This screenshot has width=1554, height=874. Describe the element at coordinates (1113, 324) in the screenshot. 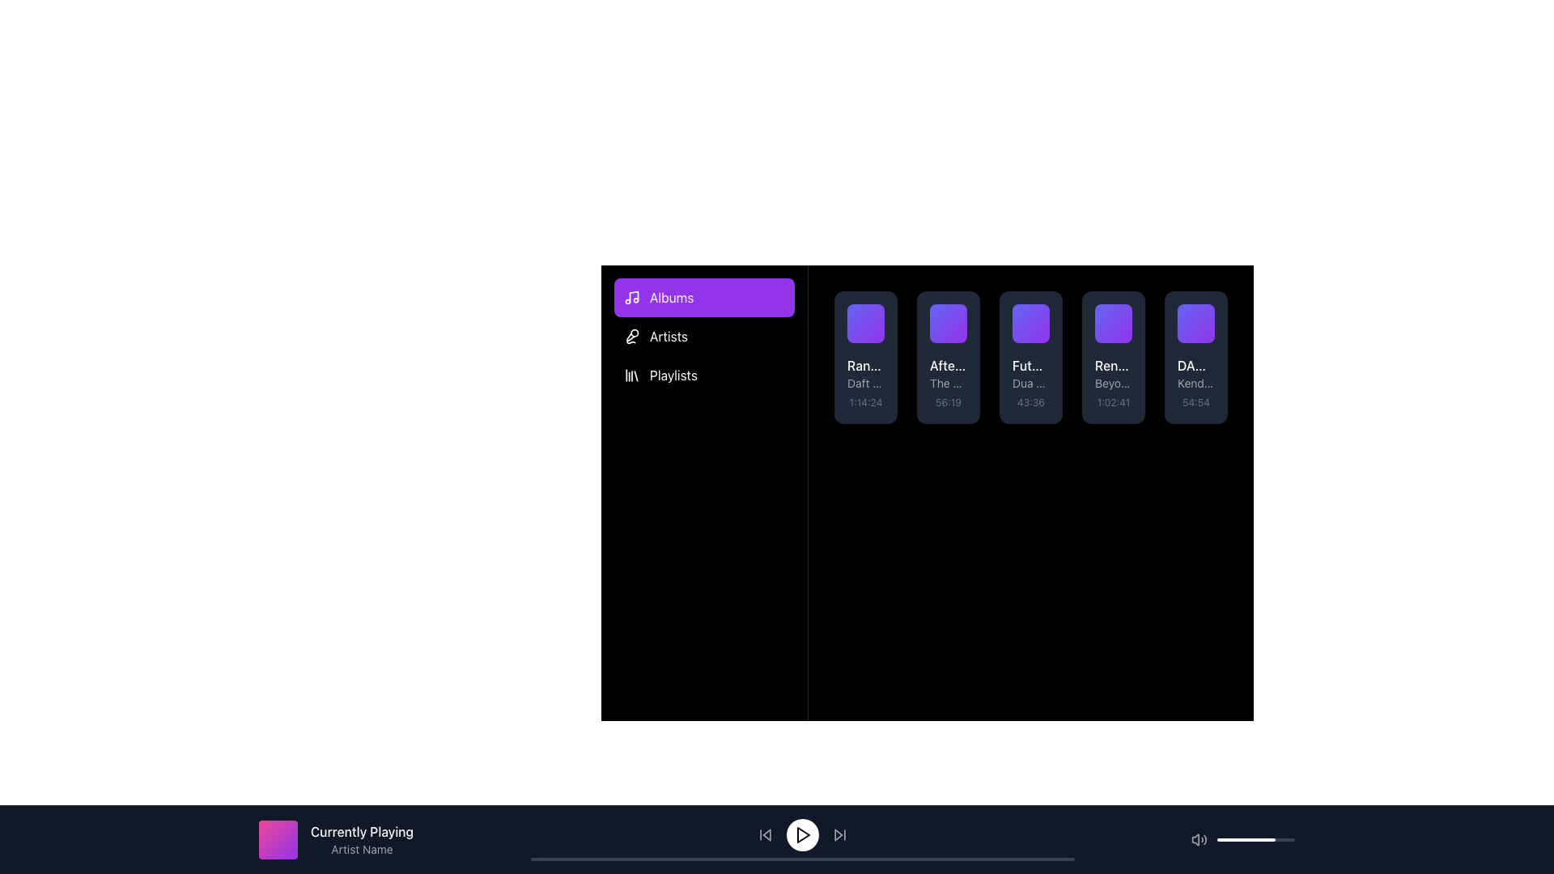

I see `the clickable thumbnail for the 'Renaissance' album, which has a square gradient background and a play icon` at that location.